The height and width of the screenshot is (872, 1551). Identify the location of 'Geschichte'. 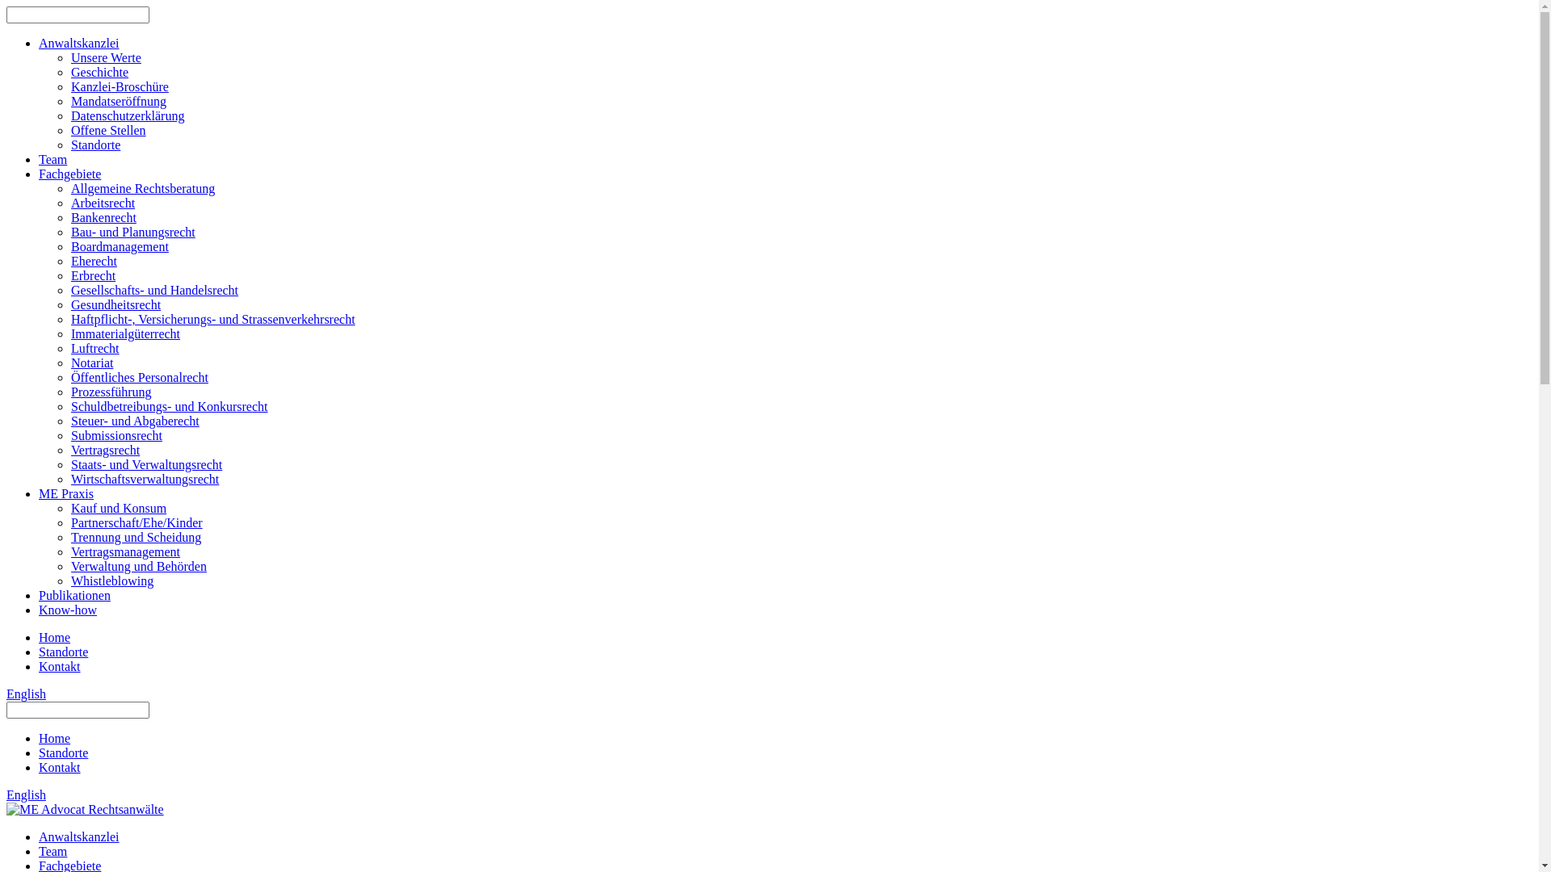
(99, 71).